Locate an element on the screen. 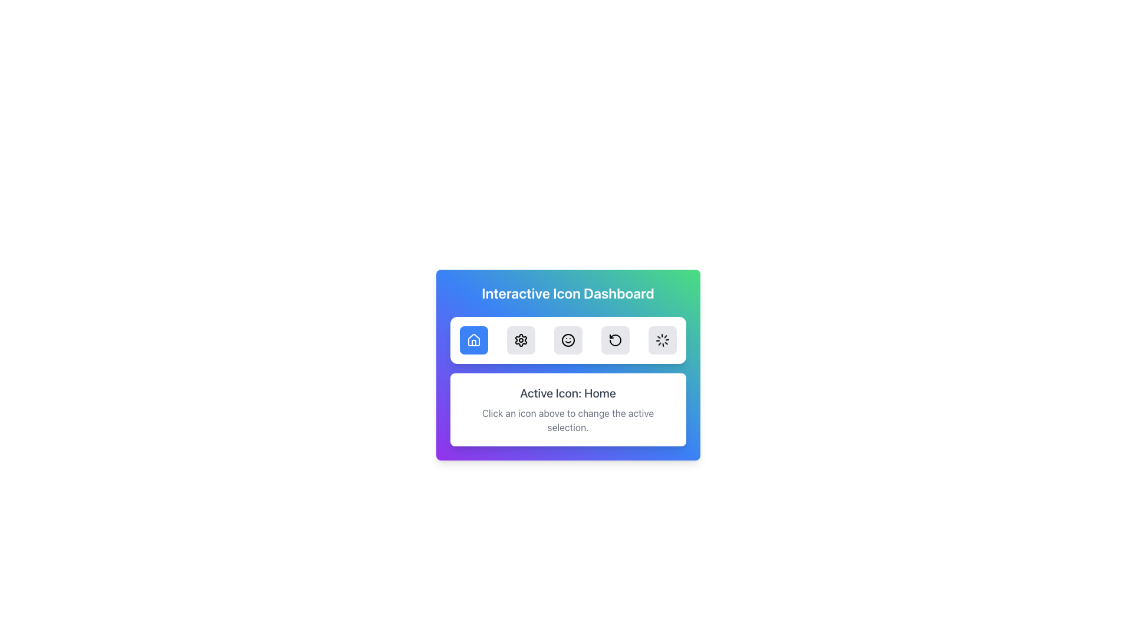 This screenshot has height=636, width=1132. the settings icon button, which is the second icon in the top row of the Interactive Icon Dashboard is located at coordinates (520, 340).